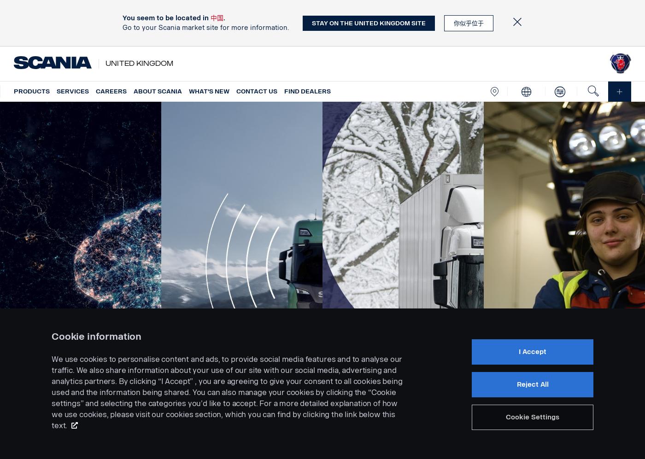 Image resolution: width=645 pixels, height=459 pixels. What do you see at coordinates (133, 91) in the screenshot?
I see `'About Scania'` at bounding box center [133, 91].